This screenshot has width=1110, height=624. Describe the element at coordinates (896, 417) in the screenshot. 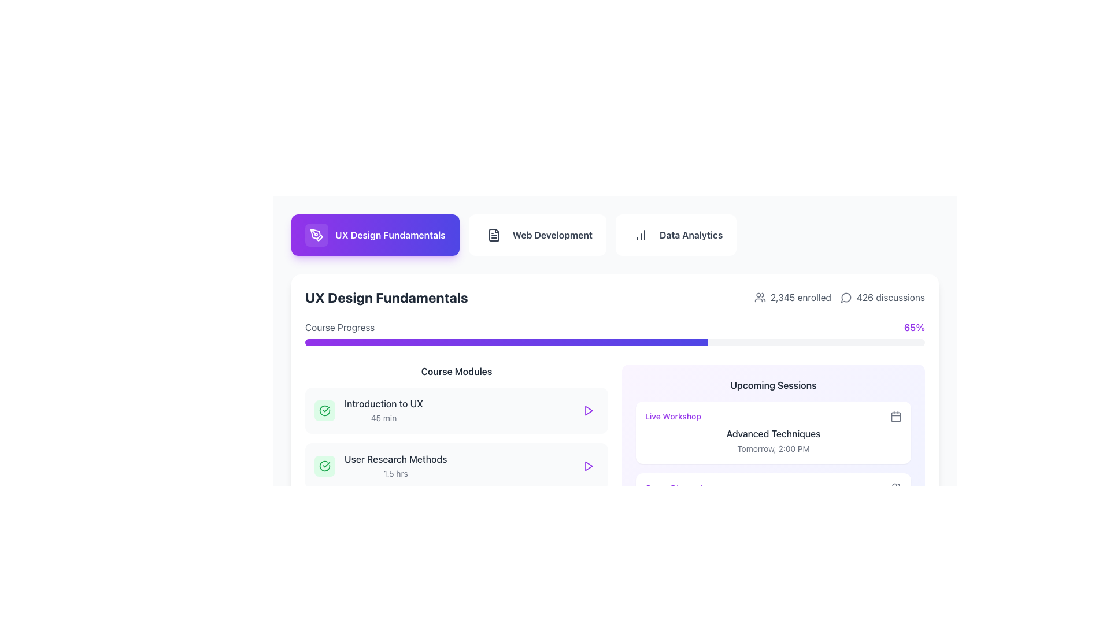

I see `the decorative square element with rounded corners located within the calendar-like icon, which is positioned near the 'Advanced Techniques' session details box` at that location.